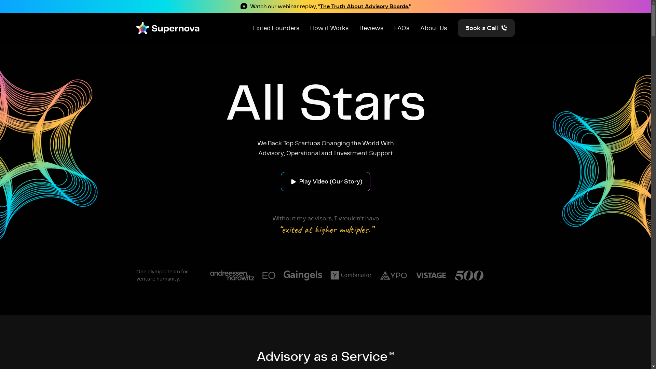 The image size is (656, 369). What do you see at coordinates (433, 27) in the screenshot?
I see `'About Us'` at bounding box center [433, 27].